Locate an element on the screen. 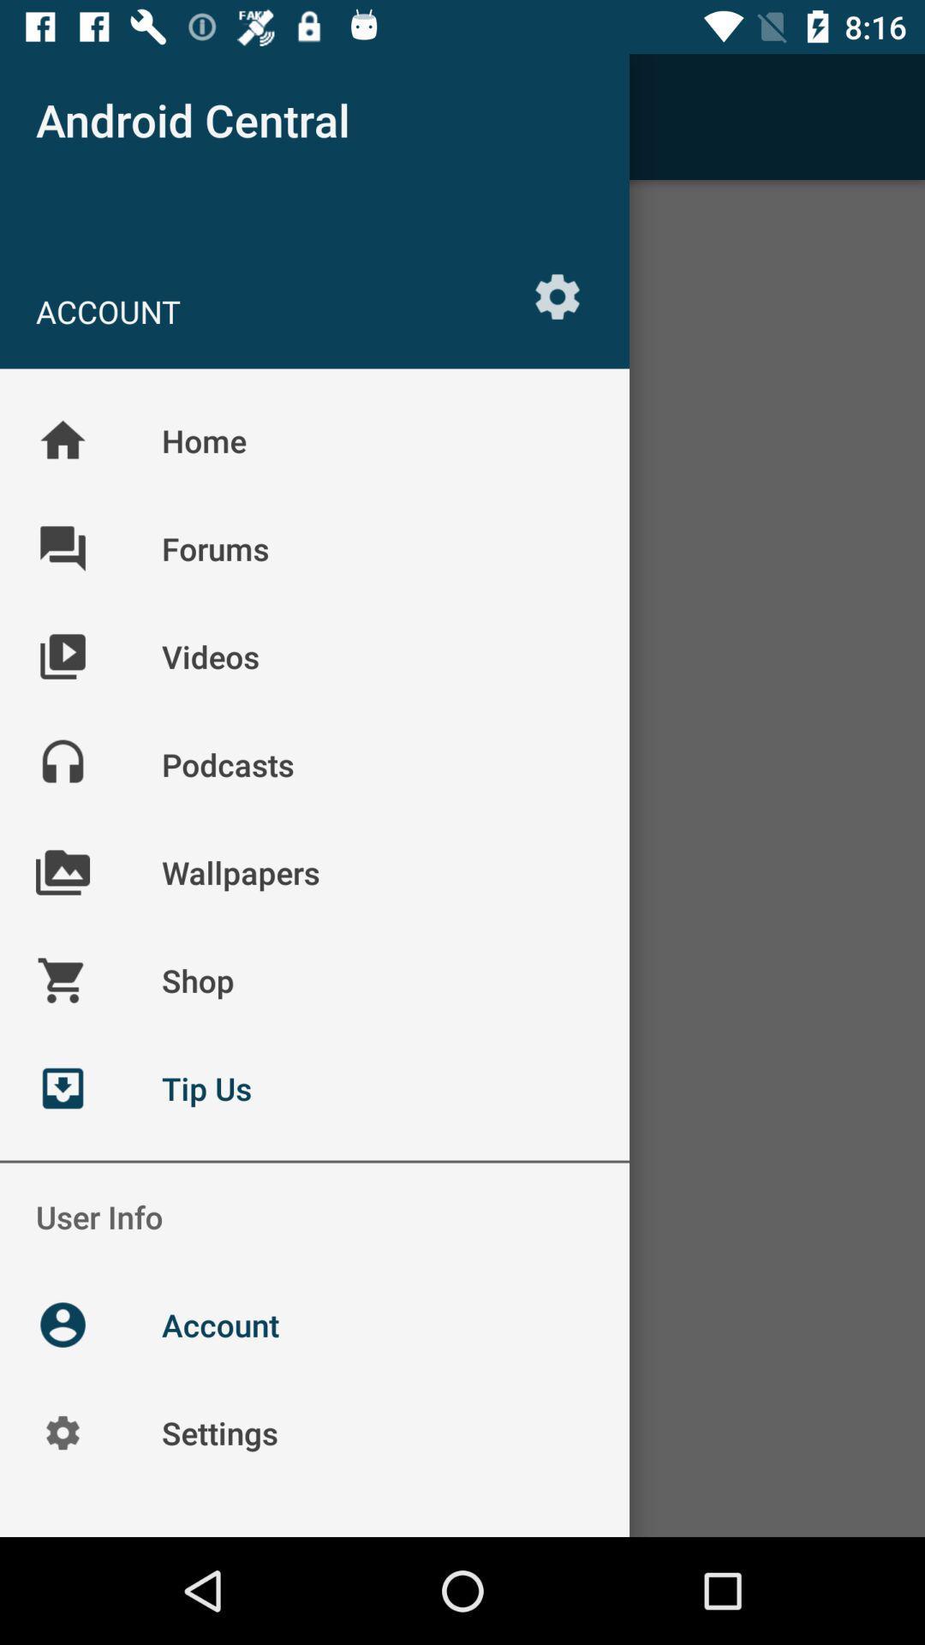  the item above the home is located at coordinates (558, 296).